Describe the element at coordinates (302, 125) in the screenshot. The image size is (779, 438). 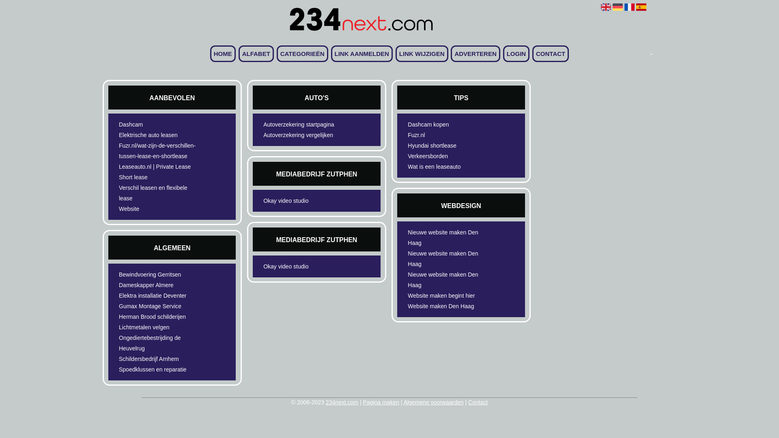
I see `'Autoverzekering startpagina'` at that location.